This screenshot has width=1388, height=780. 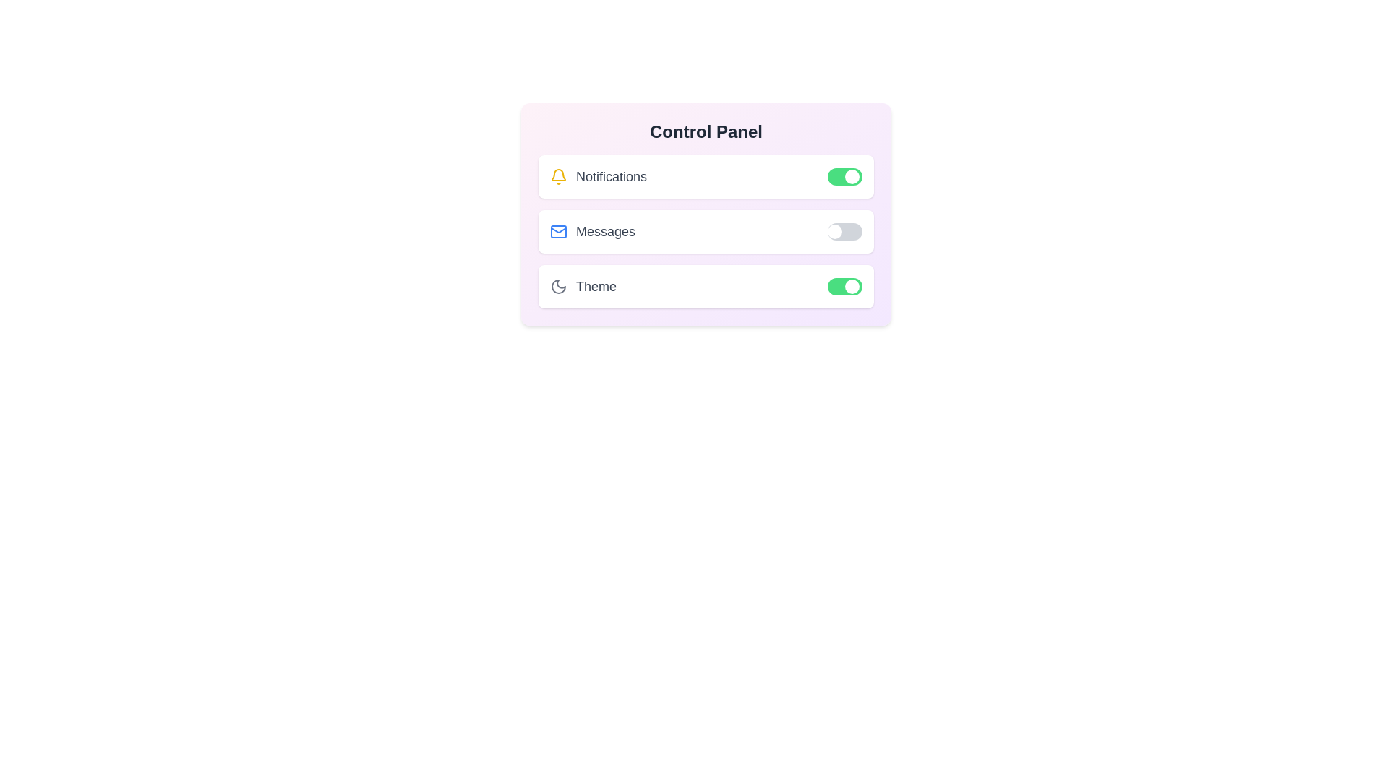 I want to click on the 'Theme' text label, which is styled with a medium font size and grayish text color, located in the bottommost setting row of the 'Control Panel' interface, so click(x=596, y=287).